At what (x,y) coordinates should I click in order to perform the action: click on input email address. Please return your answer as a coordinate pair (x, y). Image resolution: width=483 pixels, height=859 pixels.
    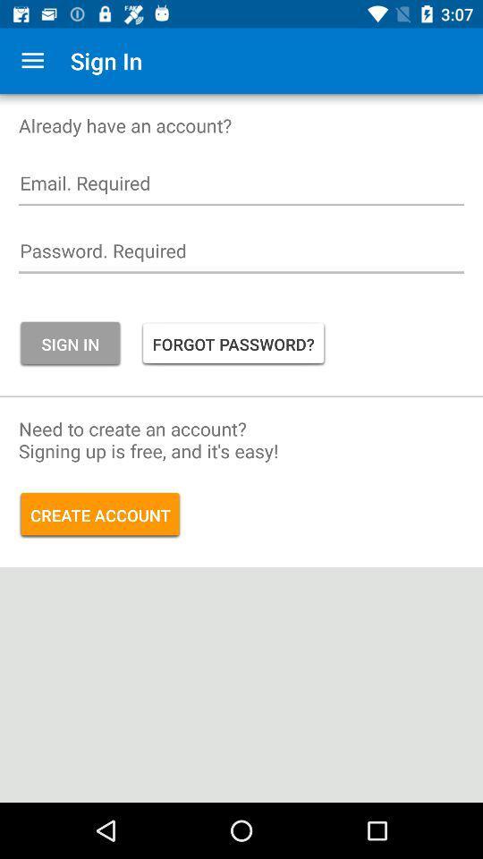
    Looking at the image, I should click on (241, 188).